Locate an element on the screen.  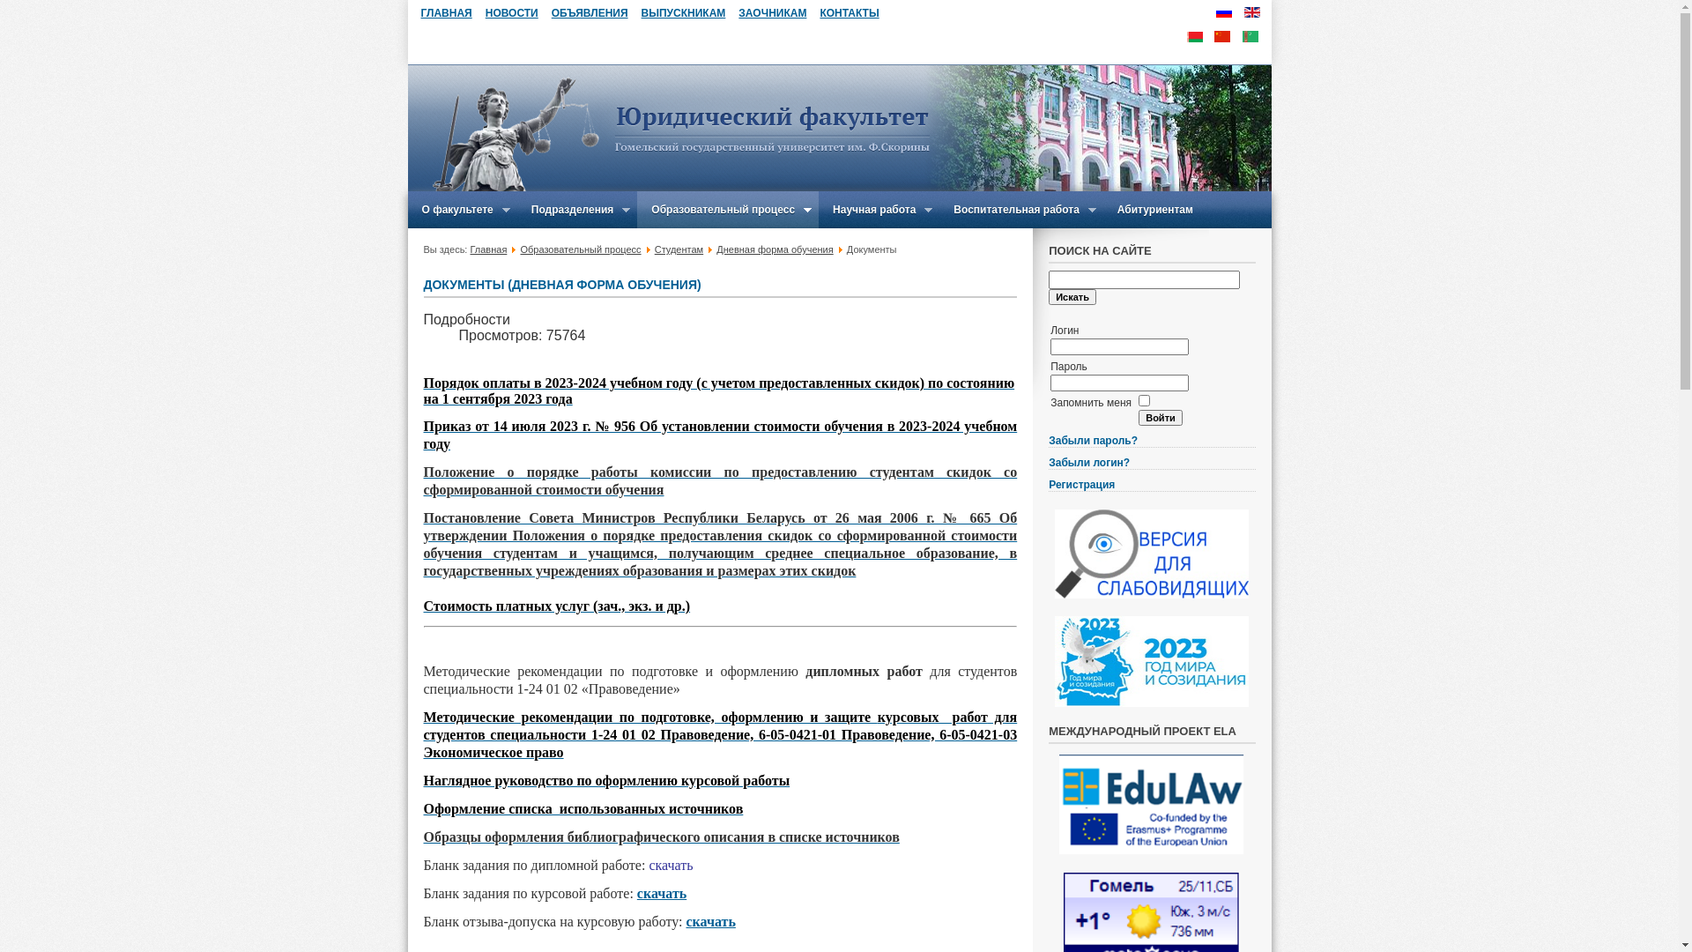
'English (UK)' is located at coordinates (1250, 12).